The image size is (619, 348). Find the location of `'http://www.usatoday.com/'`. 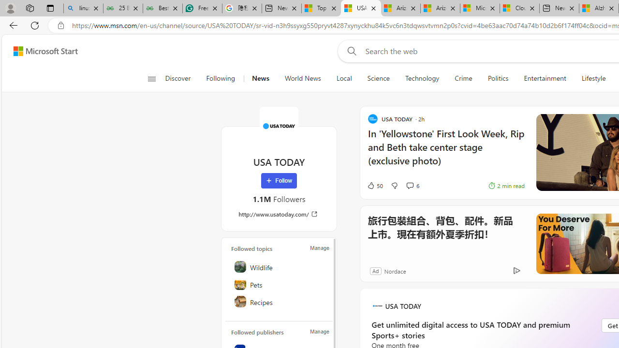

'http://www.usatoday.com/' is located at coordinates (278, 214).